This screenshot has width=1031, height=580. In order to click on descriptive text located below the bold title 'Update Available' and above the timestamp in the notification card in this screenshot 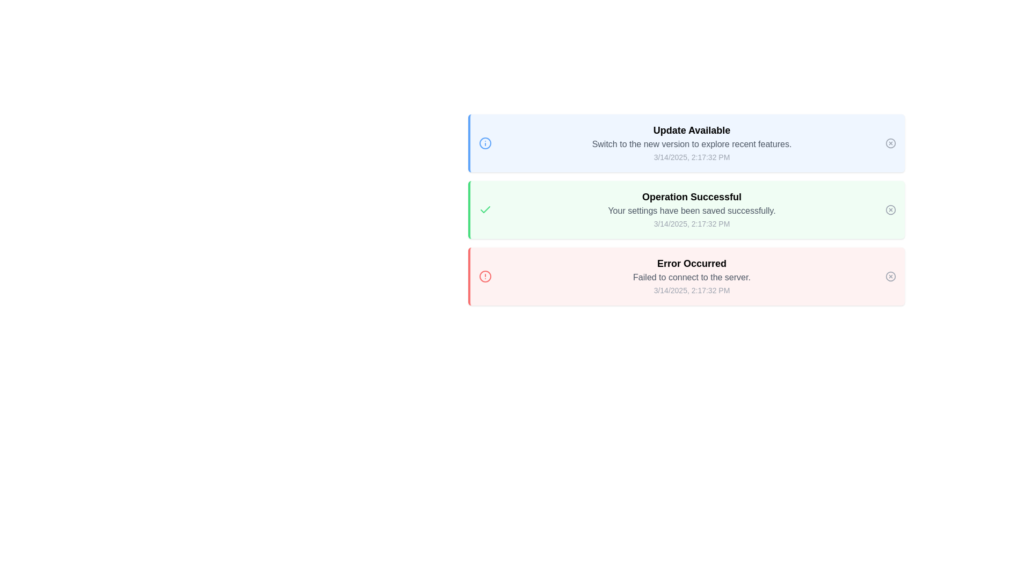, I will do `click(692, 144)`.